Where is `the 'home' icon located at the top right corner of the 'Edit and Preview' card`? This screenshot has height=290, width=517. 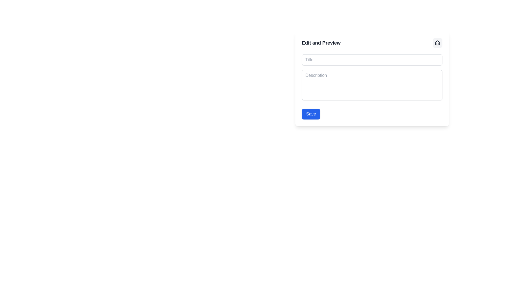 the 'home' icon located at the top right corner of the 'Edit and Preview' card is located at coordinates (438, 42).